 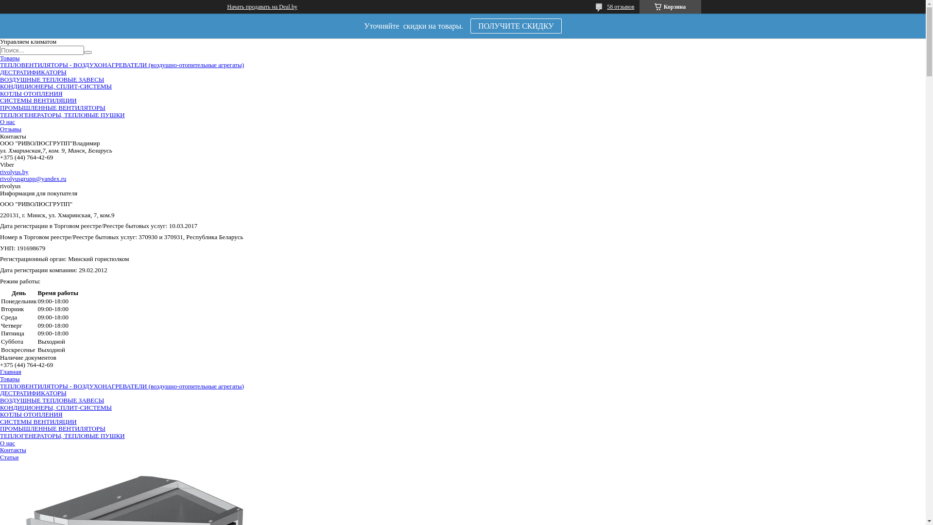 I want to click on 'rivolyusgrupp@yandex.ru', so click(x=33, y=178).